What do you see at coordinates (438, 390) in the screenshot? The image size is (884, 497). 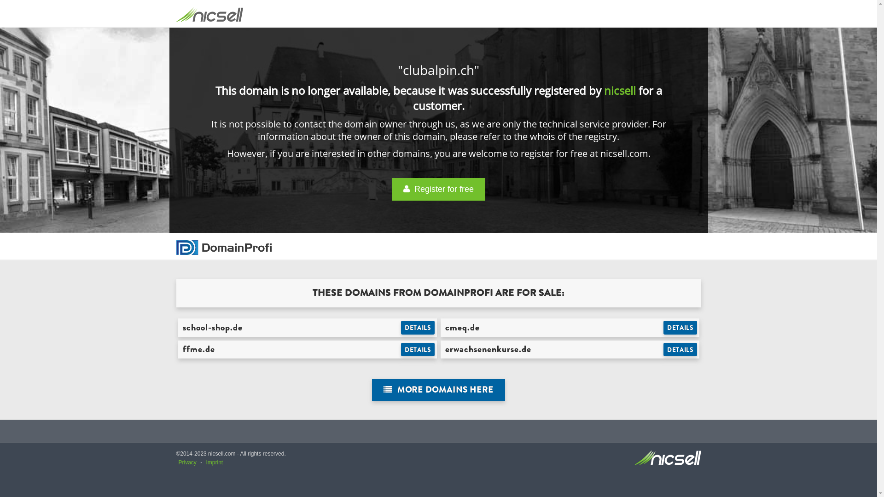 I see `'  MORE DOMAINS HERE'` at bounding box center [438, 390].